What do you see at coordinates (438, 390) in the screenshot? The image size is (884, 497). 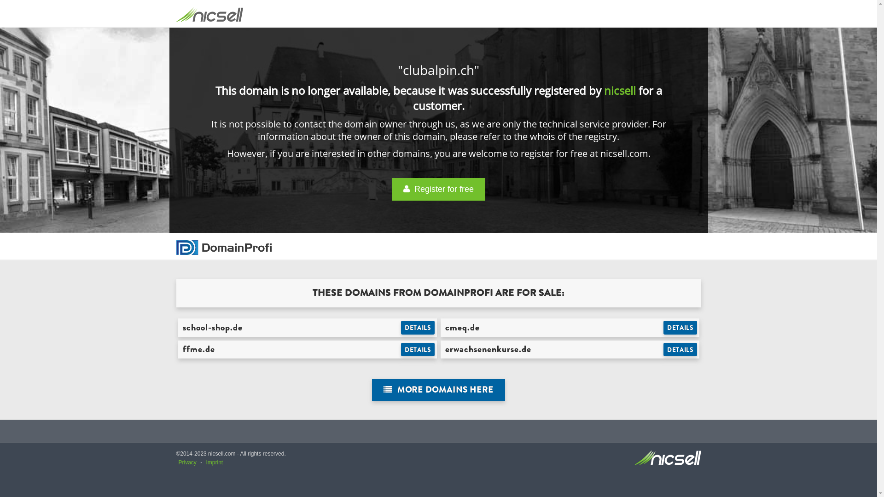 I see `'  MORE DOMAINS HERE'` at bounding box center [438, 390].